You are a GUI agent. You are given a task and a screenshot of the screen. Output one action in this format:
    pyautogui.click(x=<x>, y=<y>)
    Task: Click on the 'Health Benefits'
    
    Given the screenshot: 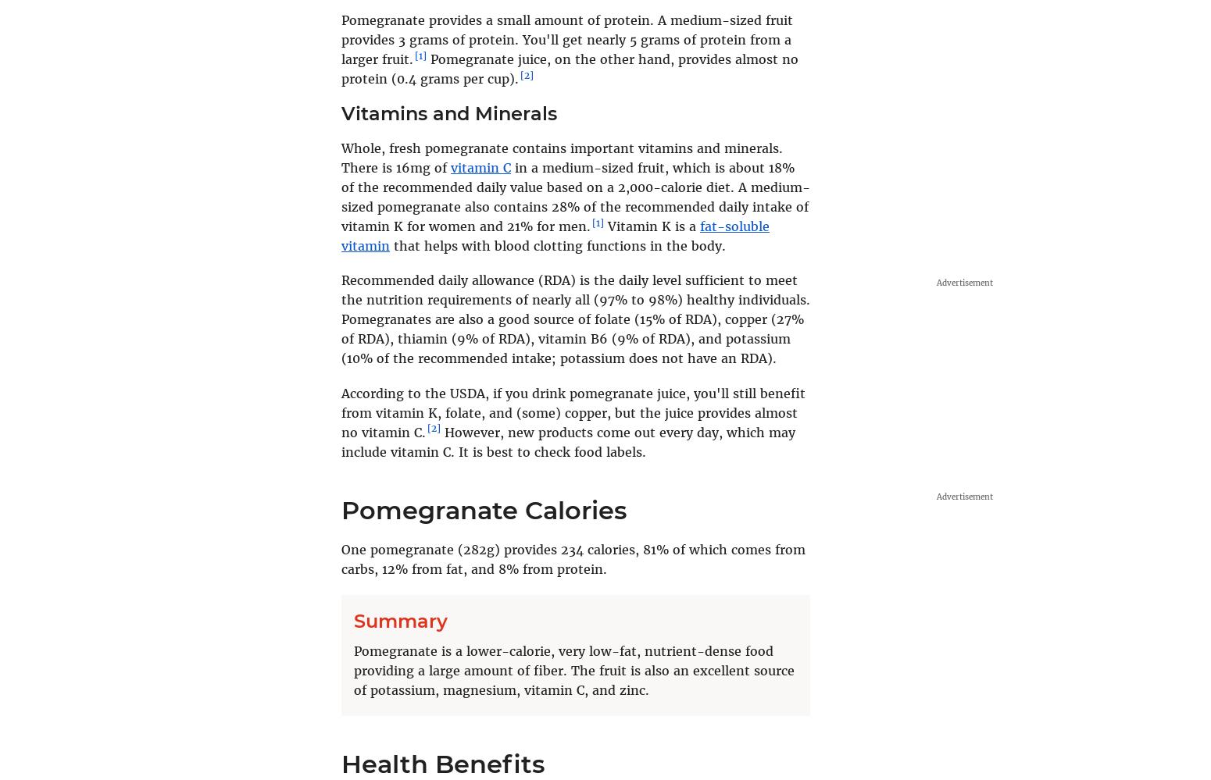 What is the action you would take?
    pyautogui.click(x=442, y=763)
    